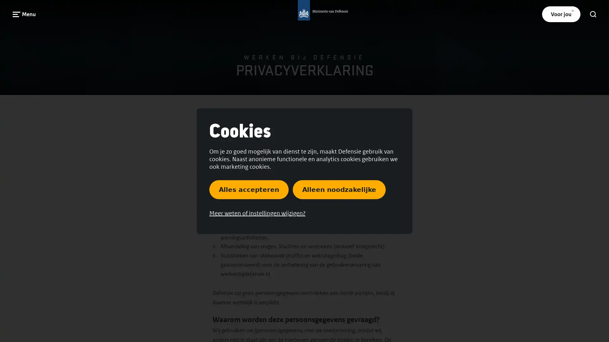 This screenshot has width=609, height=342. What do you see at coordinates (339, 189) in the screenshot?
I see `Alleen noodzakelijke` at bounding box center [339, 189].